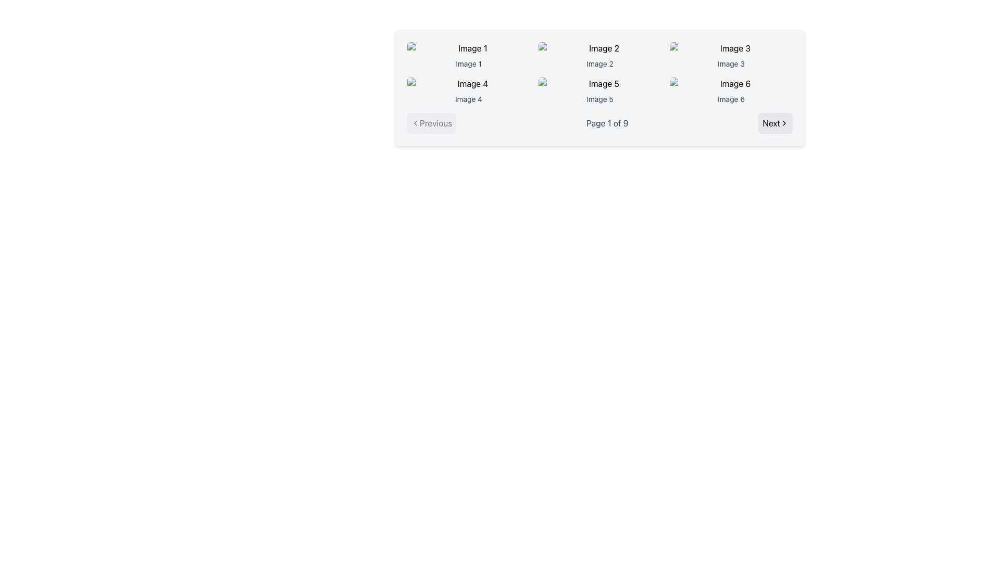 This screenshot has height=562, width=1000. What do you see at coordinates (468, 99) in the screenshot?
I see `the text label displaying 'Image 4', which is gray and centrally aligned below its corresponding image preview in the second column of the grid layout` at bounding box center [468, 99].